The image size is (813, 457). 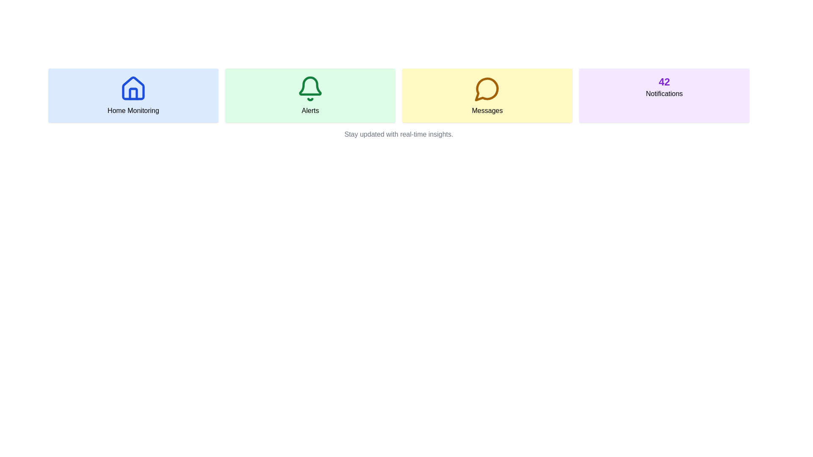 What do you see at coordinates (310, 95) in the screenshot?
I see `the 'Alerts' informational card, which is the second card in a four-card grid layout, positioned between the 'Home Monitoring' and 'Messages' cards` at bounding box center [310, 95].